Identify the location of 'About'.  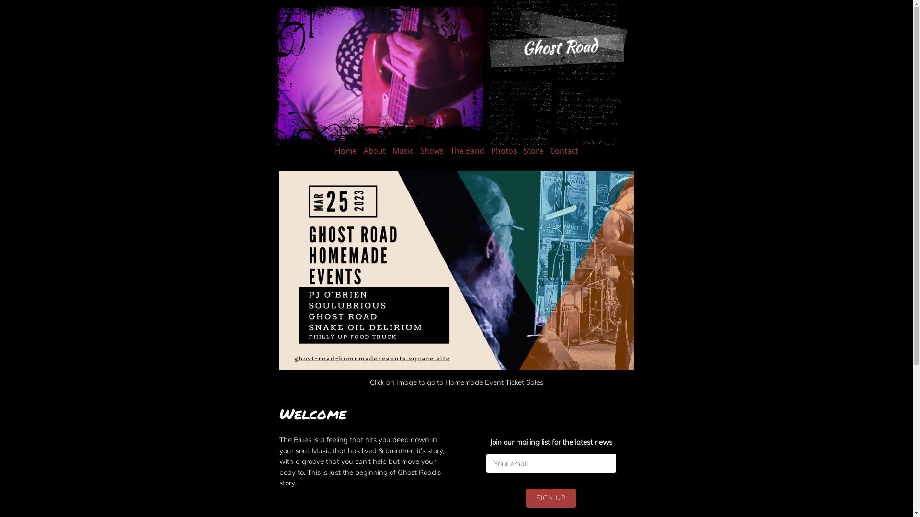
(374, 151).